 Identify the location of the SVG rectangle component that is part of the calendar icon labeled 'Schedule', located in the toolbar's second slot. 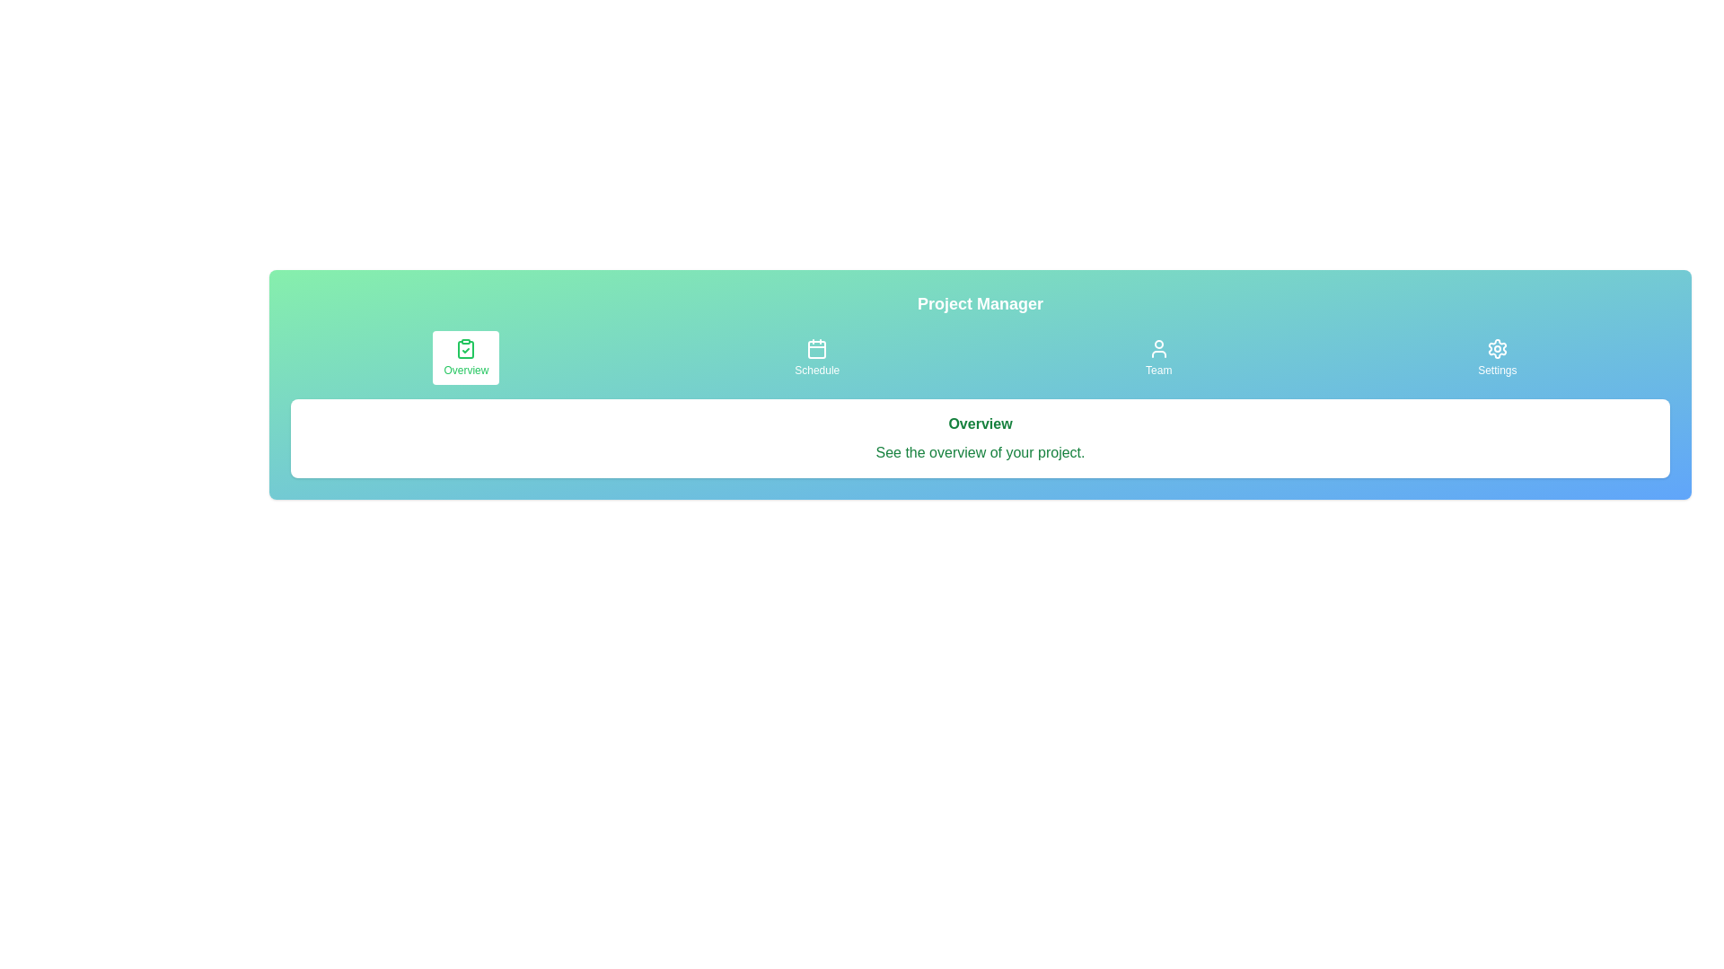
(816, 349).